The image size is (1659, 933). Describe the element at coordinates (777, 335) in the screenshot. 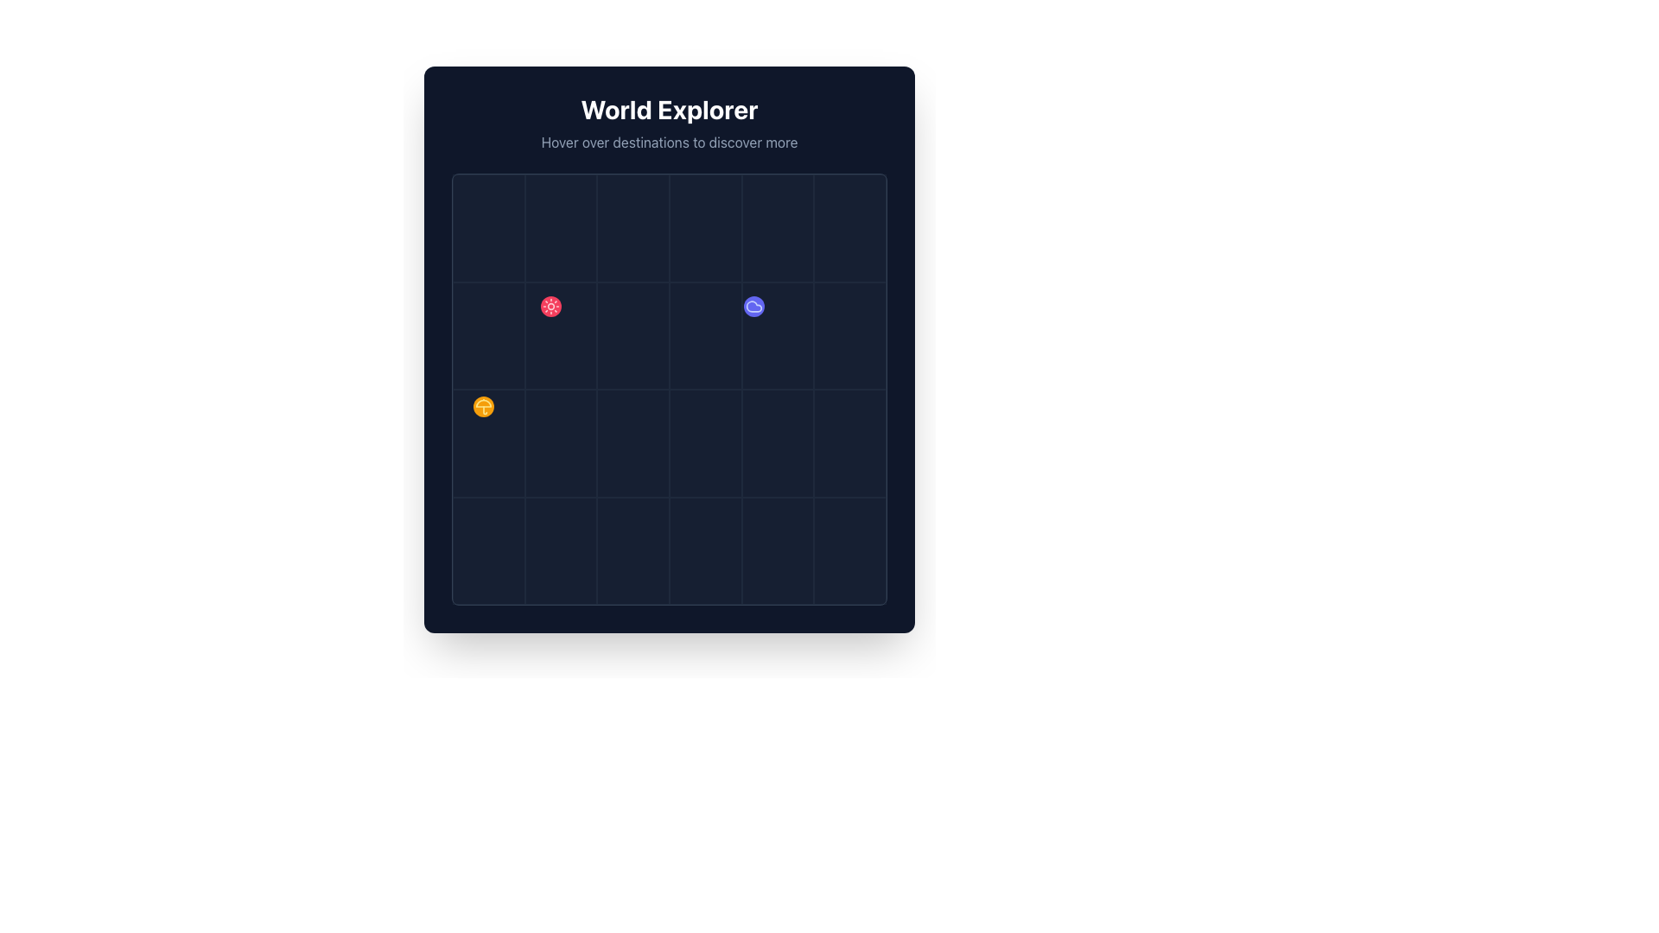

I see `the eleventh cell in the grid layout located in the second row and fifth column of the 'World Explorer' sub-panel` at that location.